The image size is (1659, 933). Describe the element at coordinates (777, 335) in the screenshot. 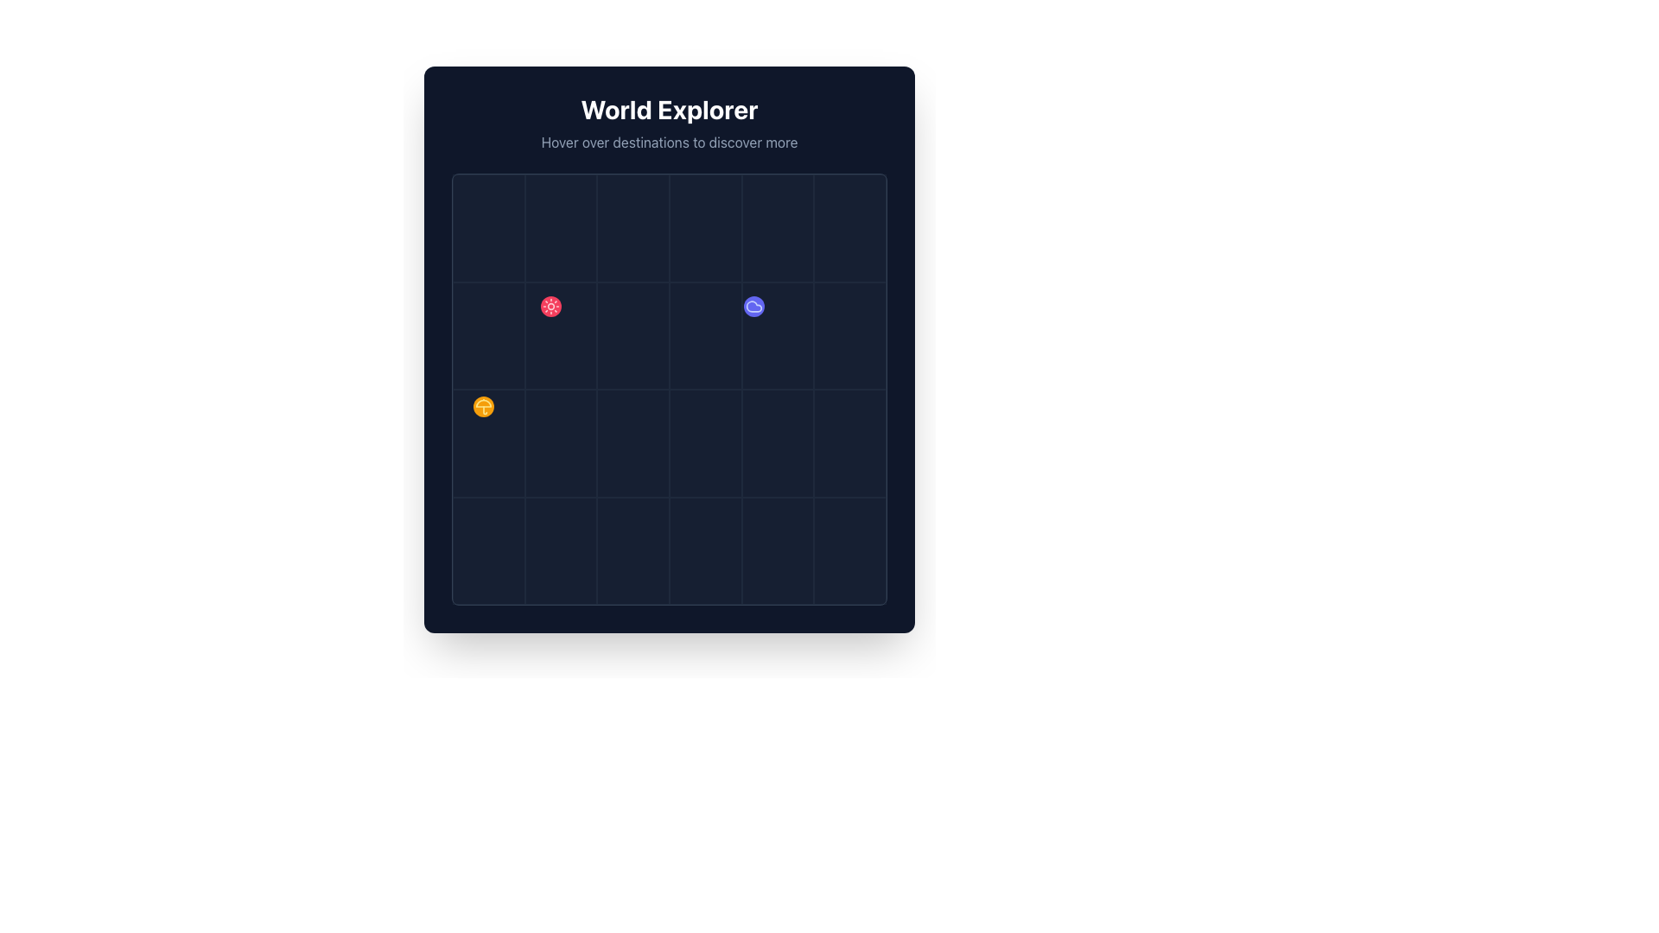

I see `the eleventh cell in the grid layout located in the second row and fifth column of the 'World Explorer' sub-panel` at that location.